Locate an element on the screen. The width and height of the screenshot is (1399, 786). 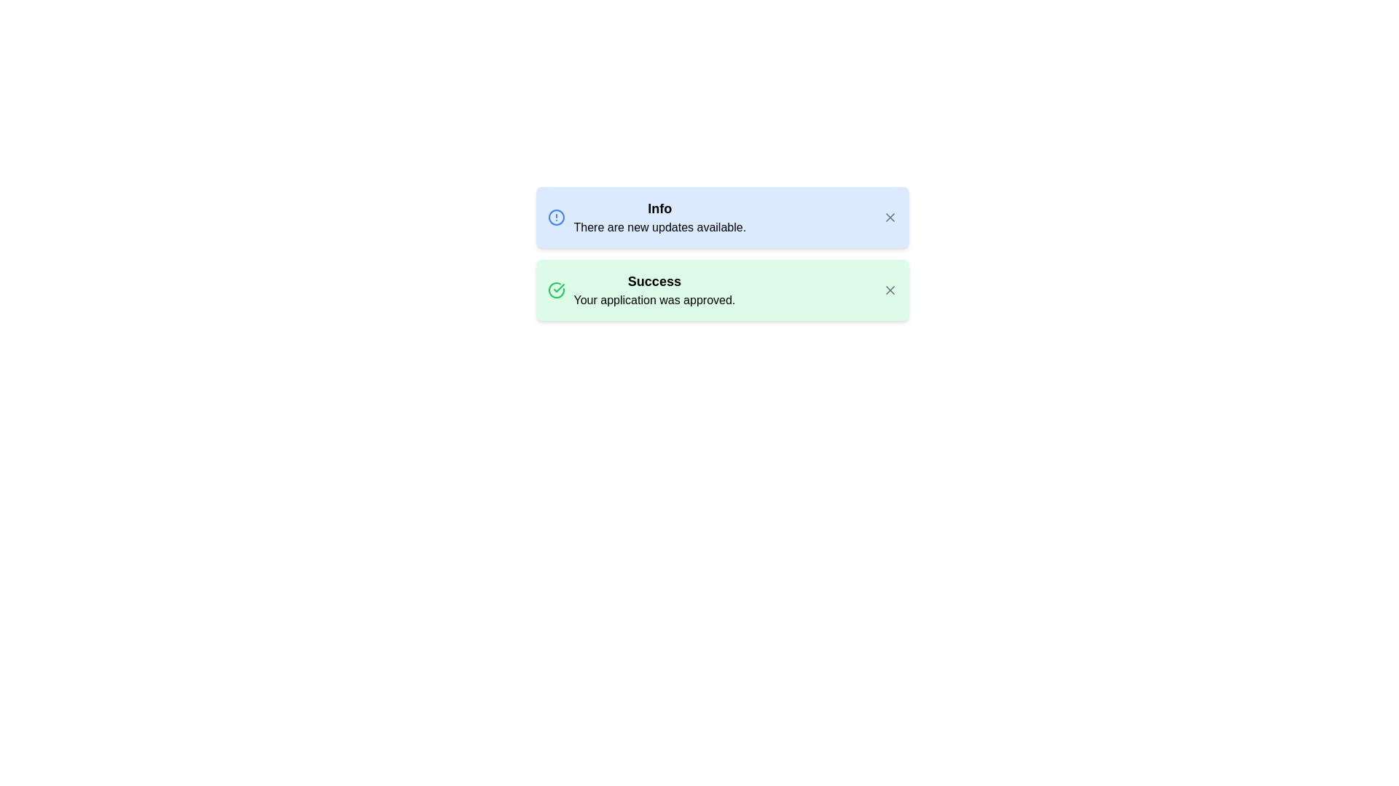
the circular checkmark icon with a green outline, which indicates success, located to the left of the 'Success' text in the green notification box is located at coordinates (555, 290).